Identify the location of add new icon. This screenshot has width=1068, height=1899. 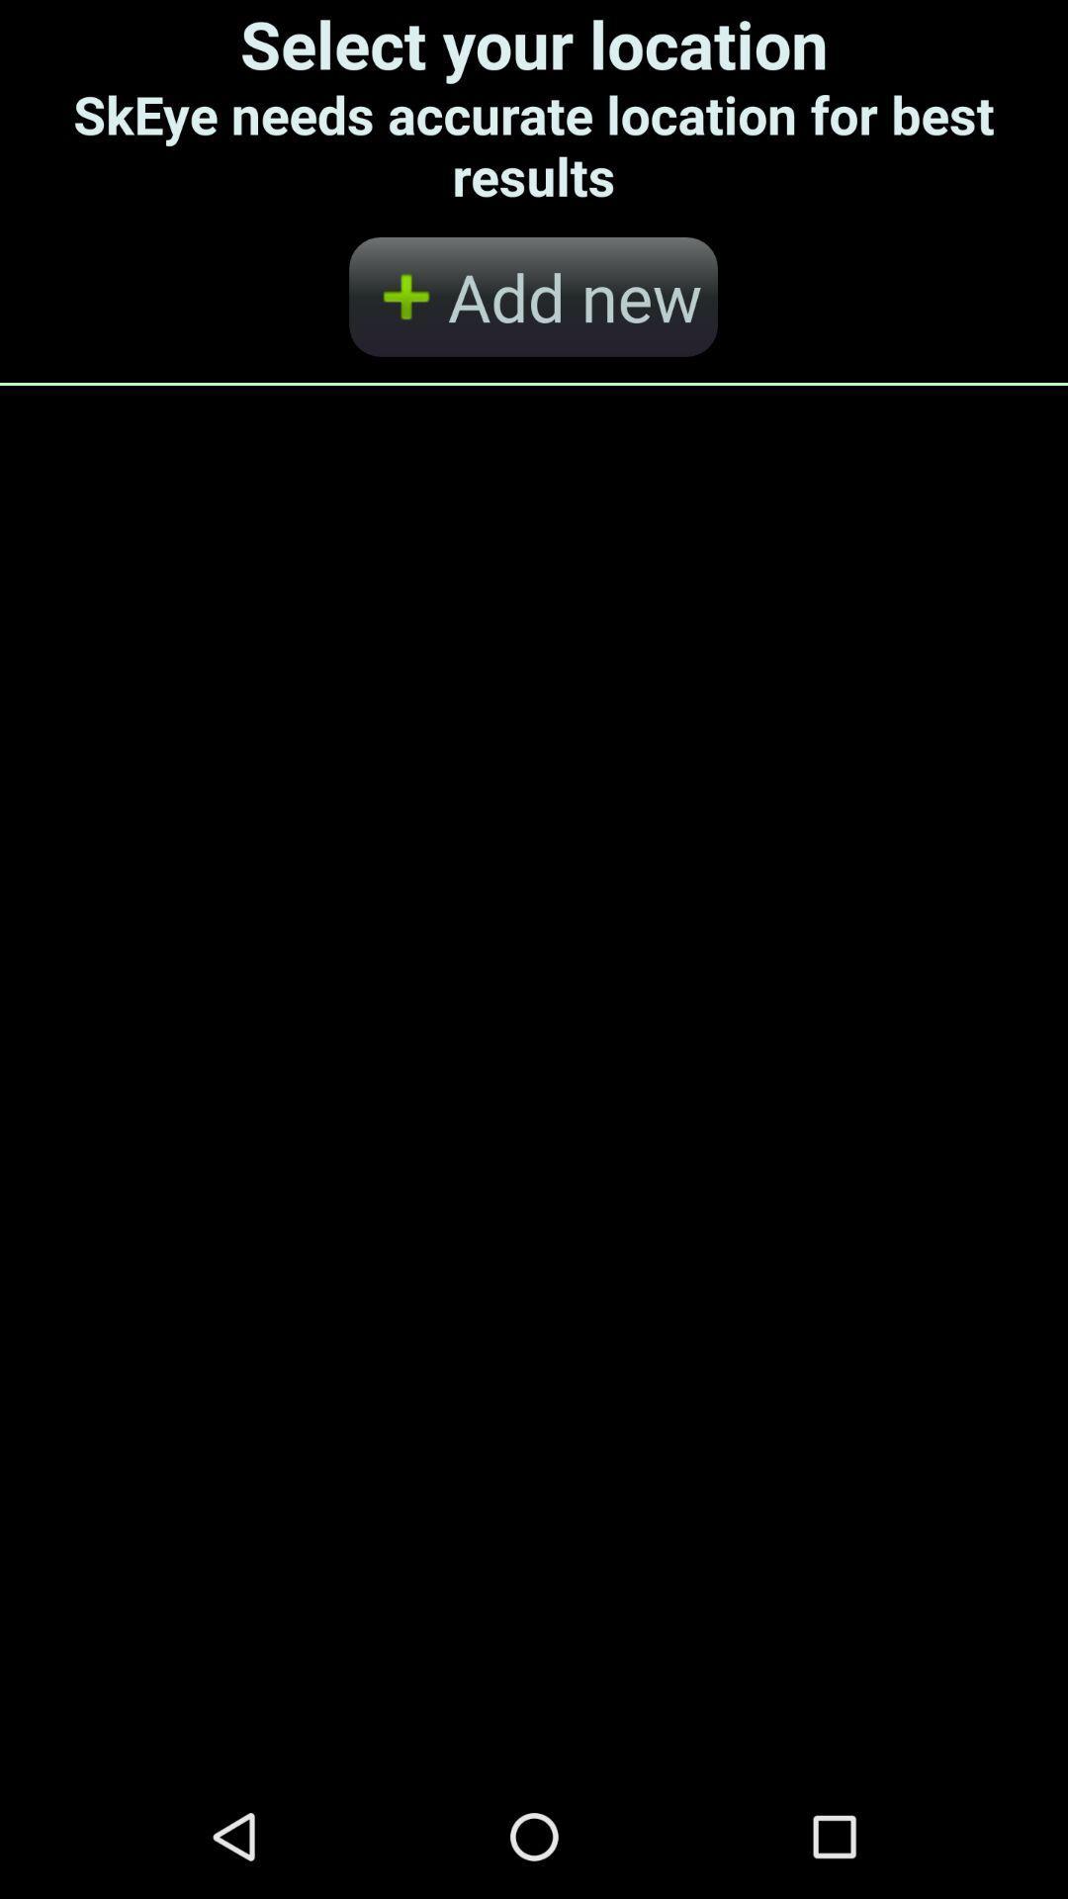
(532, 296).